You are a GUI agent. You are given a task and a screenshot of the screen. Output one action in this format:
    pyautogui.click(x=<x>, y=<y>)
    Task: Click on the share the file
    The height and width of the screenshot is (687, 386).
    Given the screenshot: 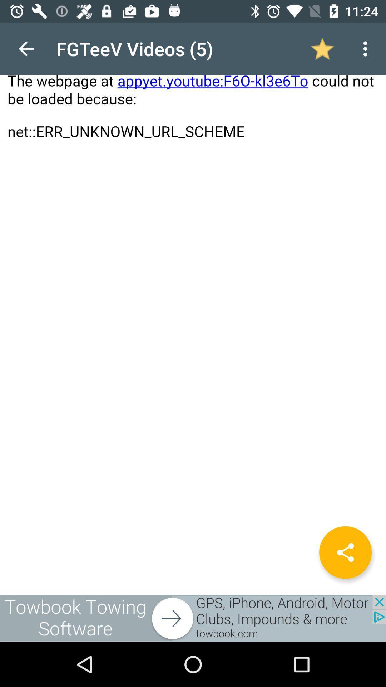 What is the action you would take?
    pyautogui.click(x=345, y=552)
    